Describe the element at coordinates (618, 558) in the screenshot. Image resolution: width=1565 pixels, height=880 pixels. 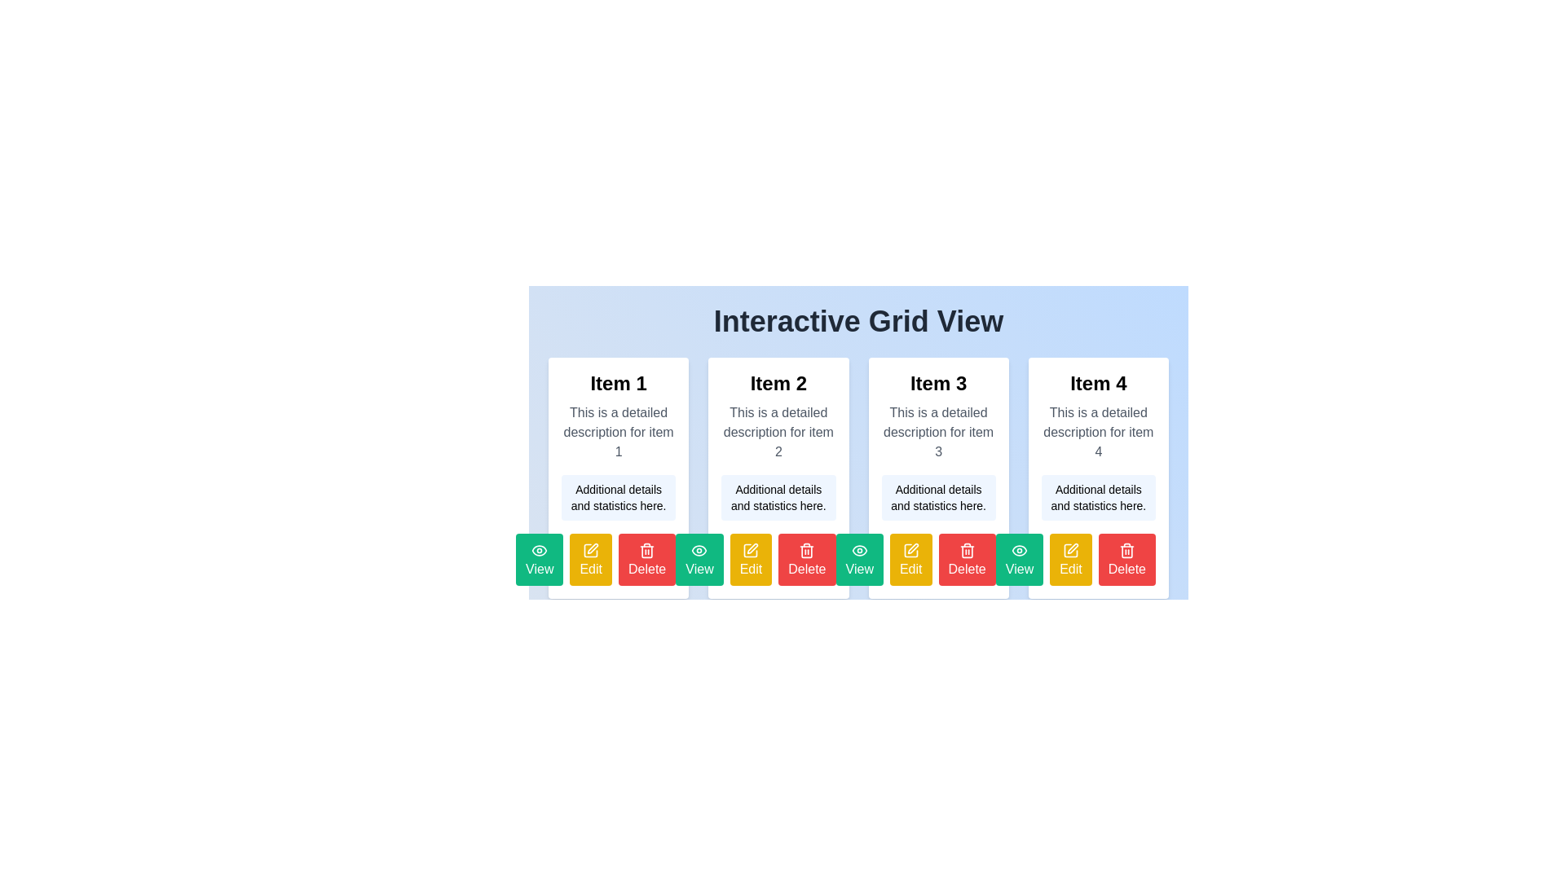
I see `the delete button located at the bottom-right side within the card labeled 'Item 1', which is the third button in the control group following 'View' and 'Edit'` at that location.